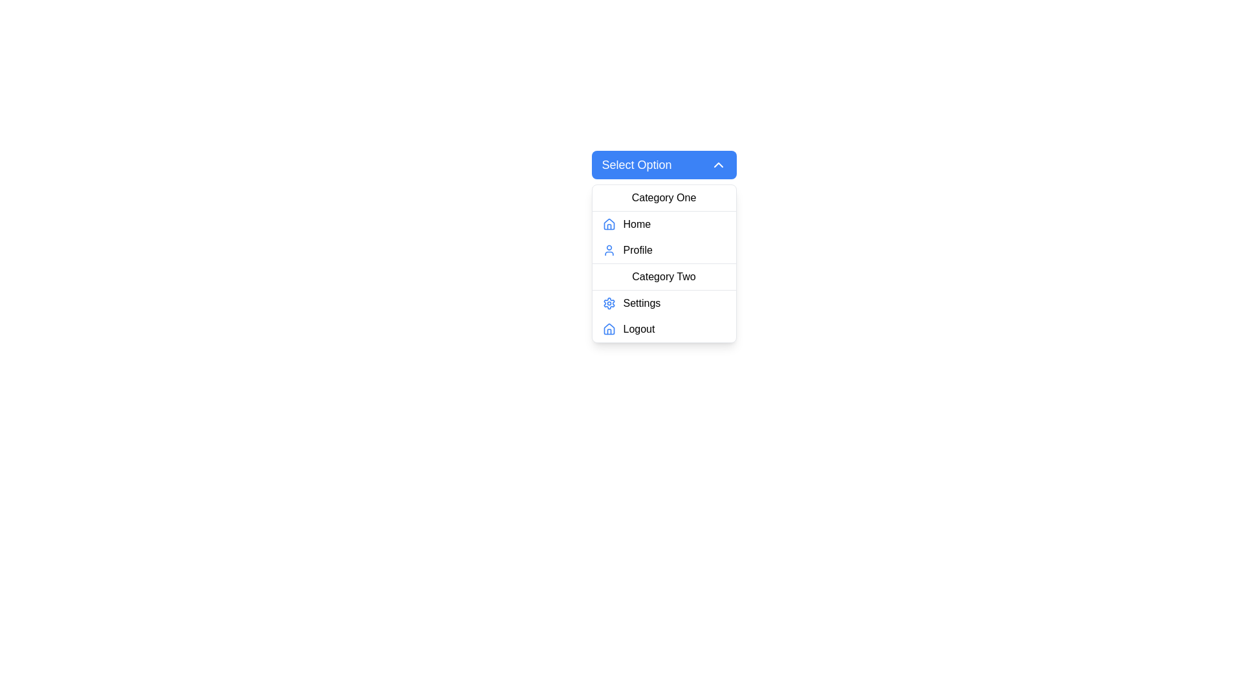 Image resolution: width=1242 pixels, height=699 pixels. Describe the element at coordinates (664, 329) in the screenshot. I see `the logout button located at the bottom of the dropdown menu under the 'Category Two' section to initiate the logout process` at that location.